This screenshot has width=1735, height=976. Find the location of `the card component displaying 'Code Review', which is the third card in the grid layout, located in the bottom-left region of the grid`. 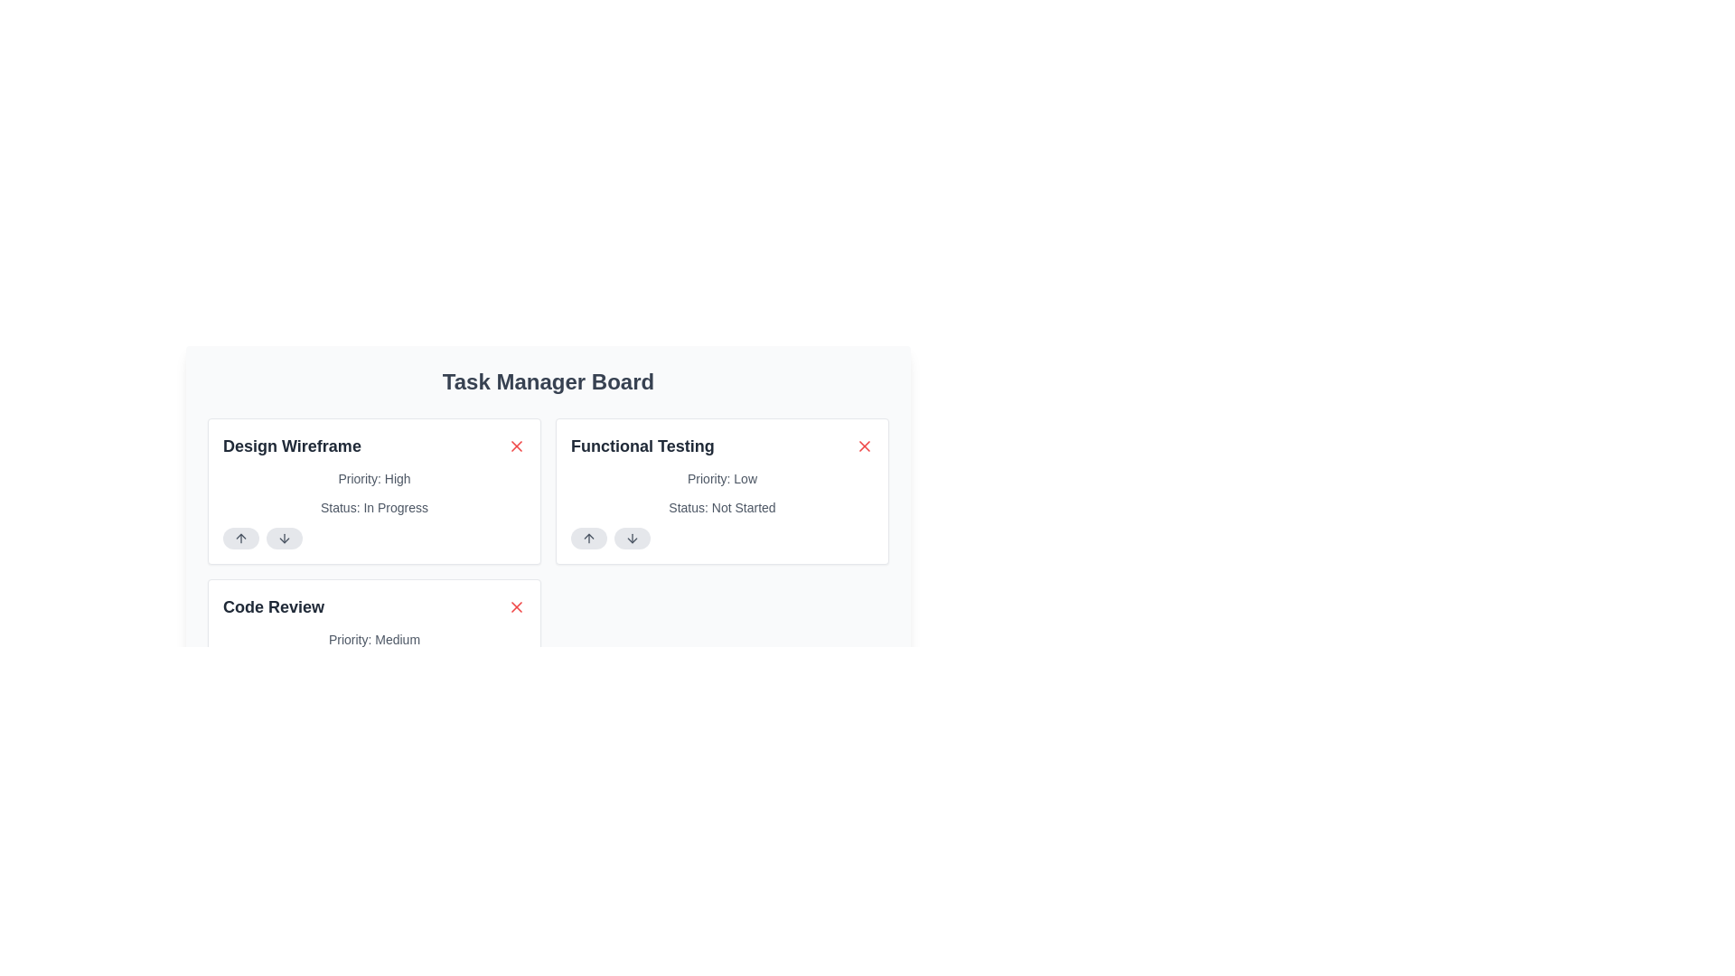

the card component displaying 'Code Review', which is the third card in the grid layout, located in the bottom-left region of the grid is located at coordinates (373, 652).